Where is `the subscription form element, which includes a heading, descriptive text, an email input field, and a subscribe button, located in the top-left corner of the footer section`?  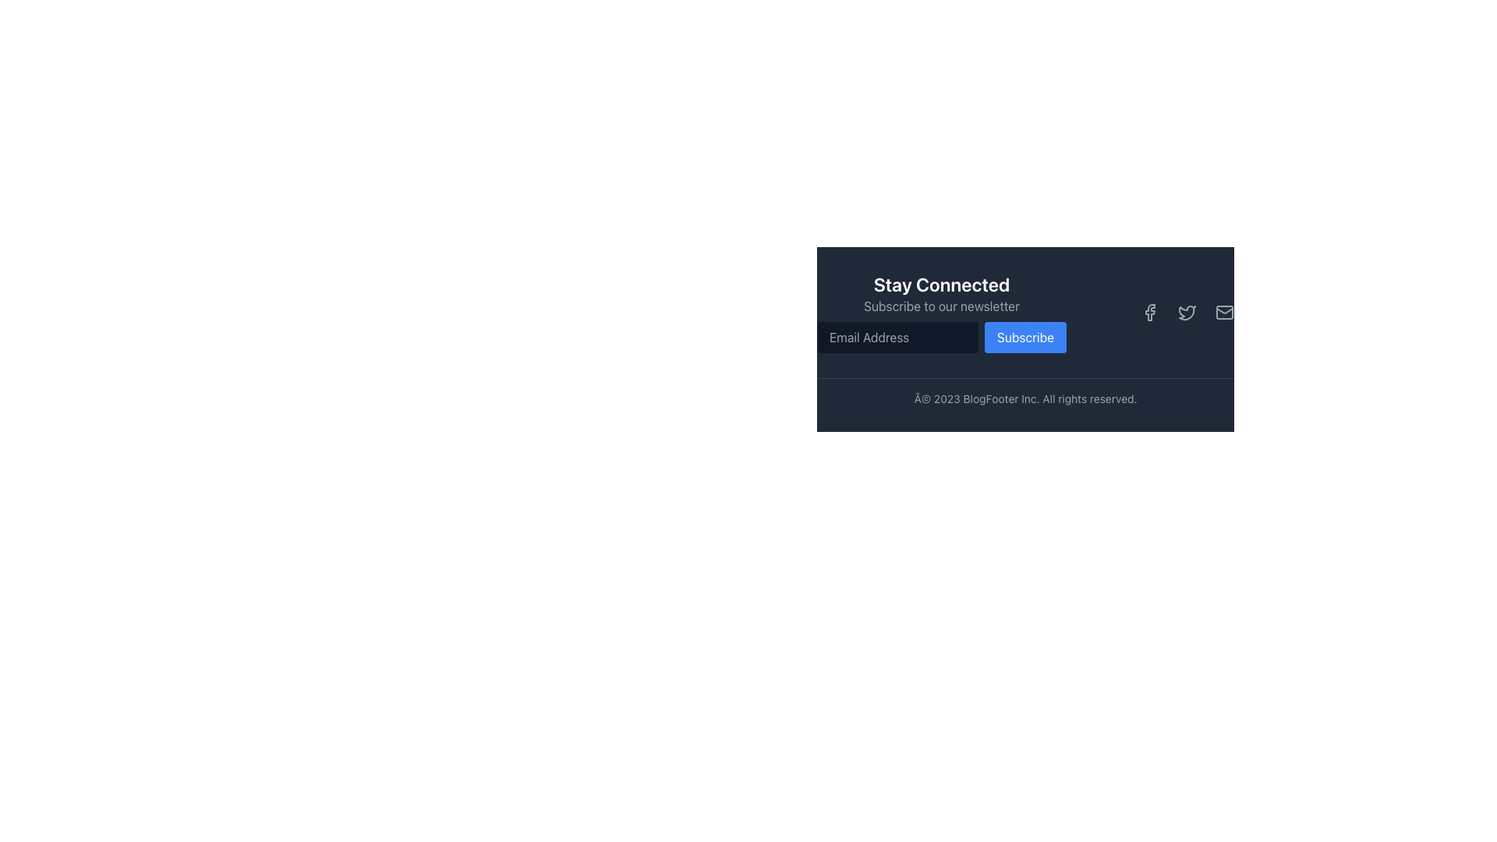 the subscription form element, which includes a heading, descriptive text, an email input field, and a subscribe button, located in the top-left corner of the footer section is located at coordinates (940, 313).